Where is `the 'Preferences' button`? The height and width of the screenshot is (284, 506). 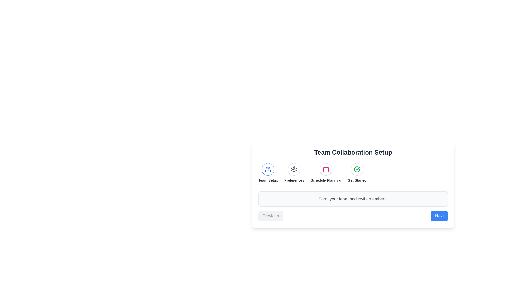
the 'Preferences' button is located at coordinates (294, 173).